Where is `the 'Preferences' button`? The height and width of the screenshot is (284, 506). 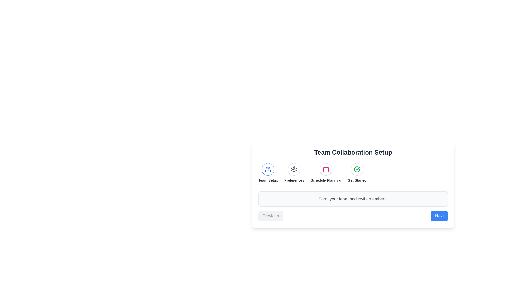
the 'Preferences' button is located at coordinates (294, 173).